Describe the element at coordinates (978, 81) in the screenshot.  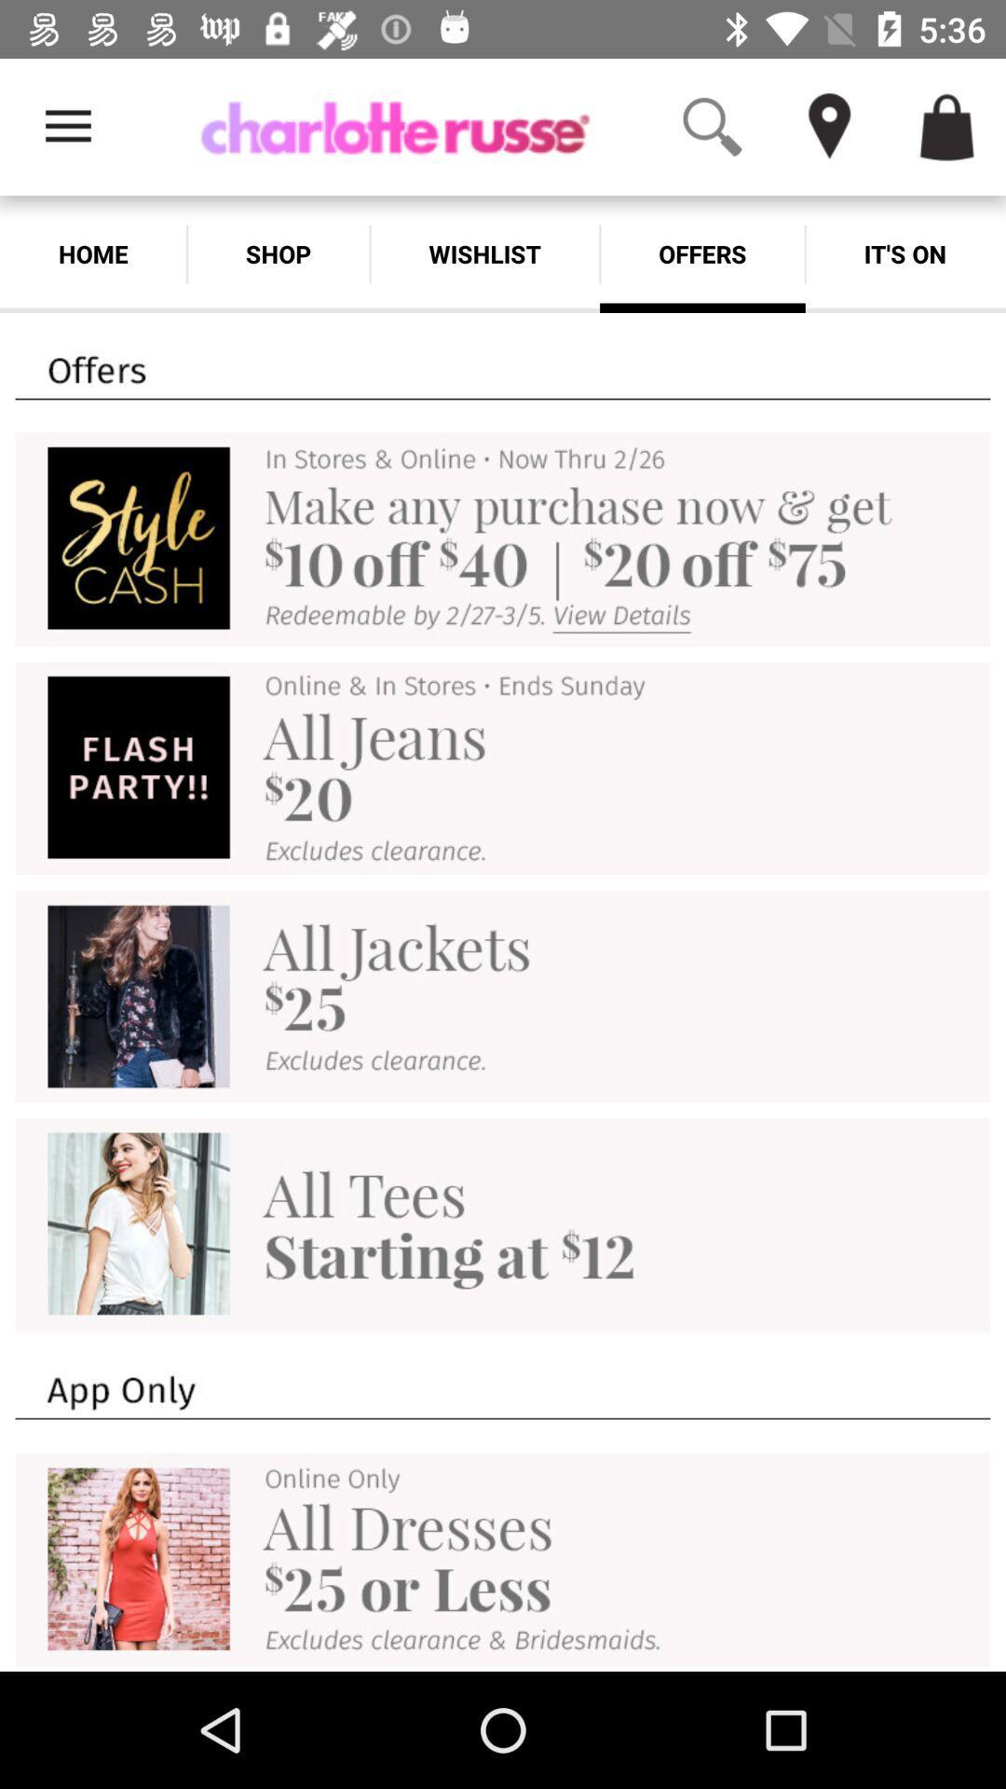
I see `the icon above the it's on` at that location.